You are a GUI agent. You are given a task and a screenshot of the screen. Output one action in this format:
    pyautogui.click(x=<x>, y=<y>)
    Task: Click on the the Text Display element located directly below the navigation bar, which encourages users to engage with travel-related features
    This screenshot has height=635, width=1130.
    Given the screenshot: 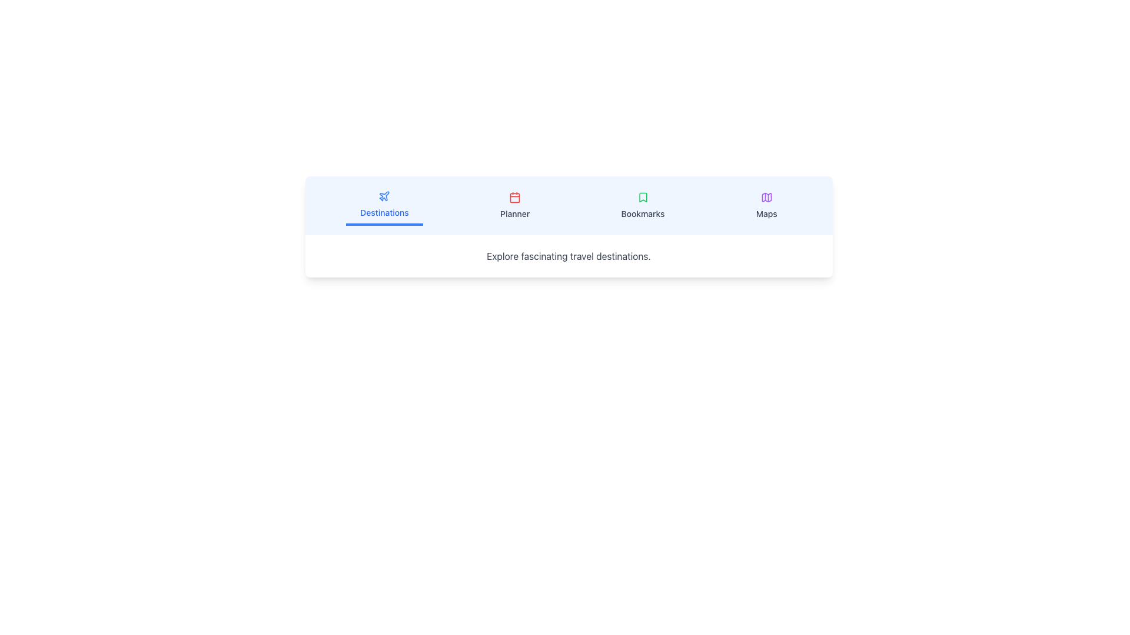 What is the action you would take?
    pyautogui.click(x=569, y=255)
    